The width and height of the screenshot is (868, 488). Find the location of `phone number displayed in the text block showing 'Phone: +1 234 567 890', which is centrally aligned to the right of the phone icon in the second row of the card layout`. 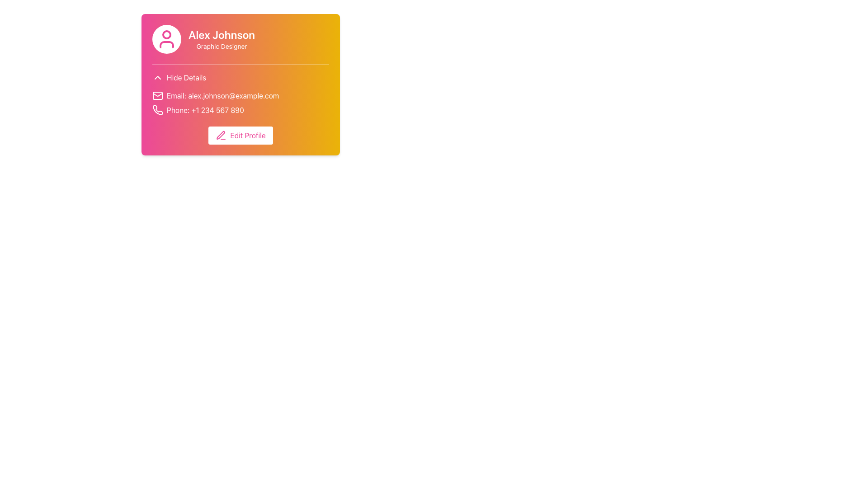

phone number displayed in the text block showing 'Phone: +1 234 567 890', which is centrally aligned to the right of the phone icon in the second row of the card layout is located at coordinates (205, 109).